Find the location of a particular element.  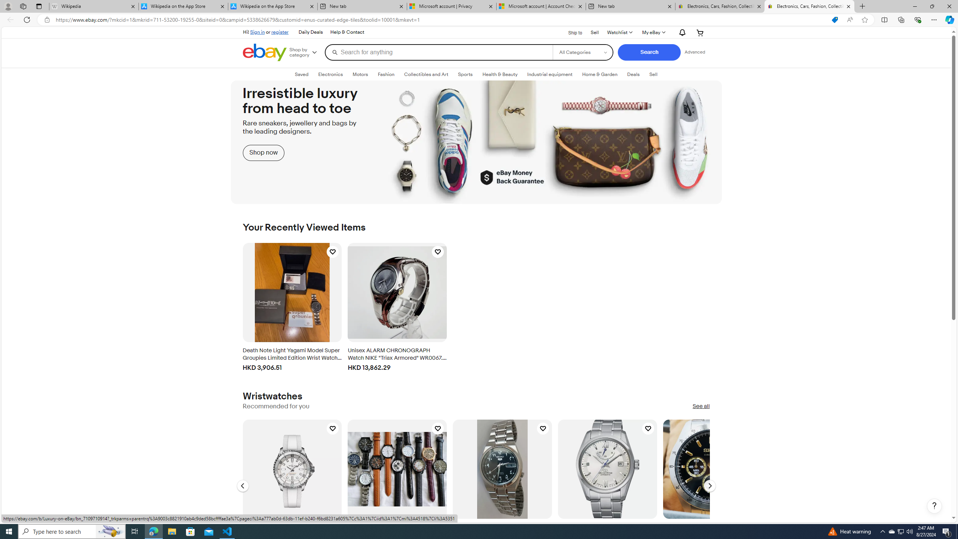

'Health & Beauty' is located at coordinates (500, 74).